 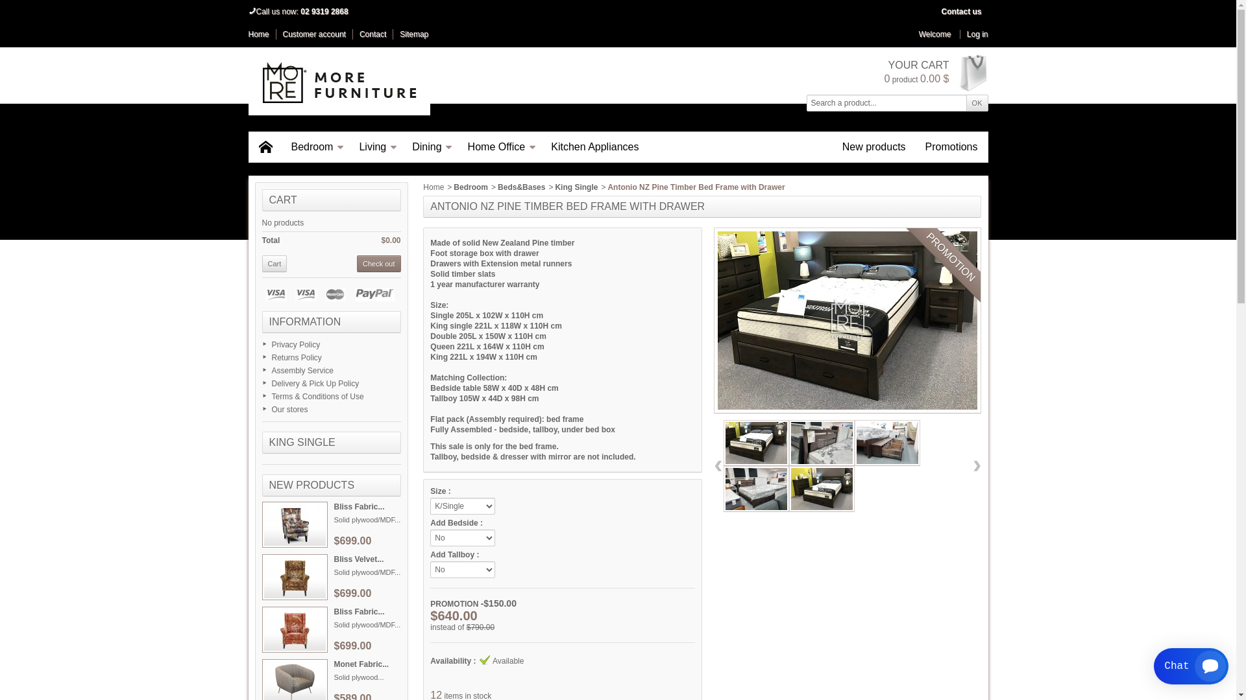 I want to click on 'Home', so click(x=433, y=187).